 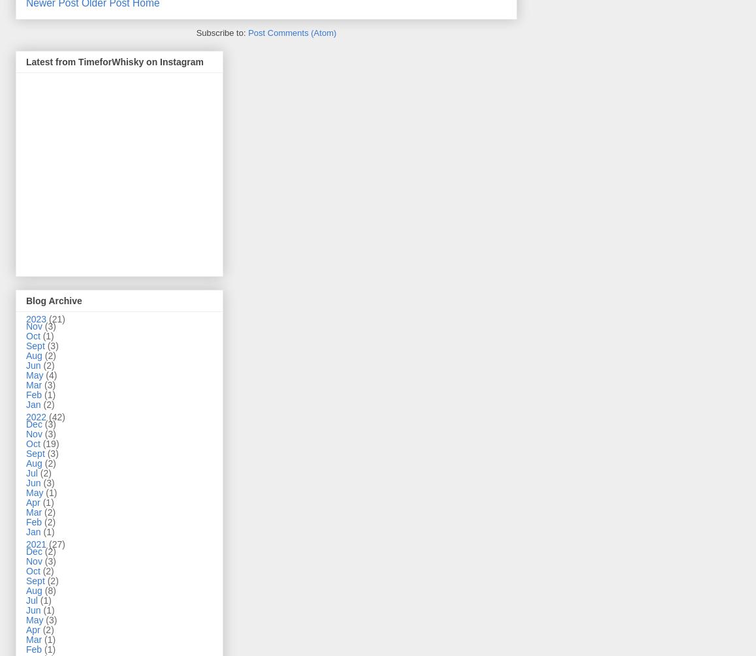 What do you see at coordinates (56, 415) in the screenshot?
I see `'(42)'` at bounding box center [56, 415].